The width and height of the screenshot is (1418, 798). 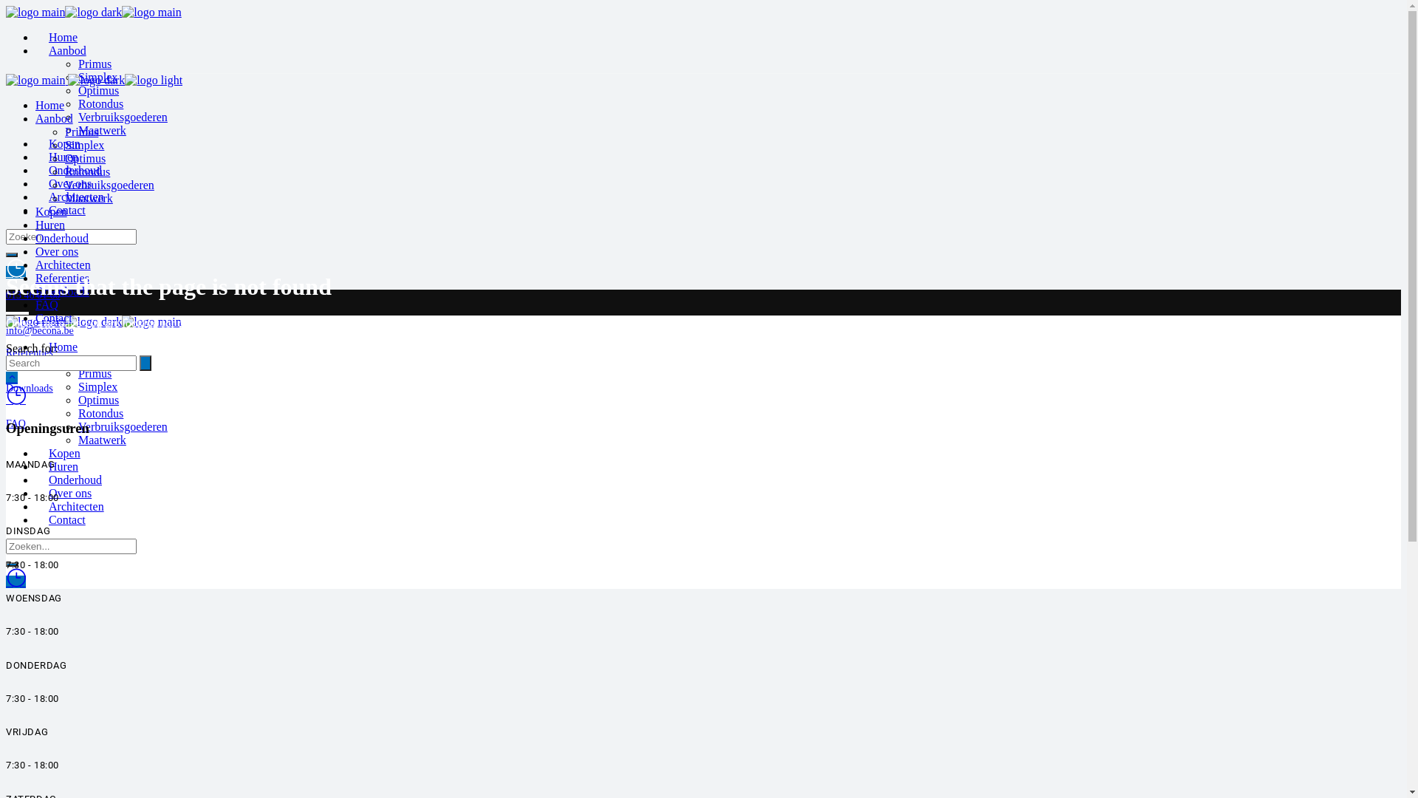 I want to click on 'Optimus', so click(x=97, y=90).